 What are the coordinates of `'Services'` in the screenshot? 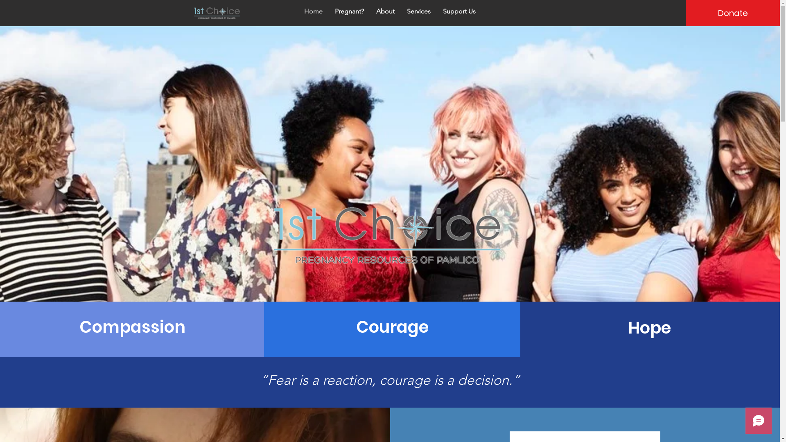 It's located at (418, 11).